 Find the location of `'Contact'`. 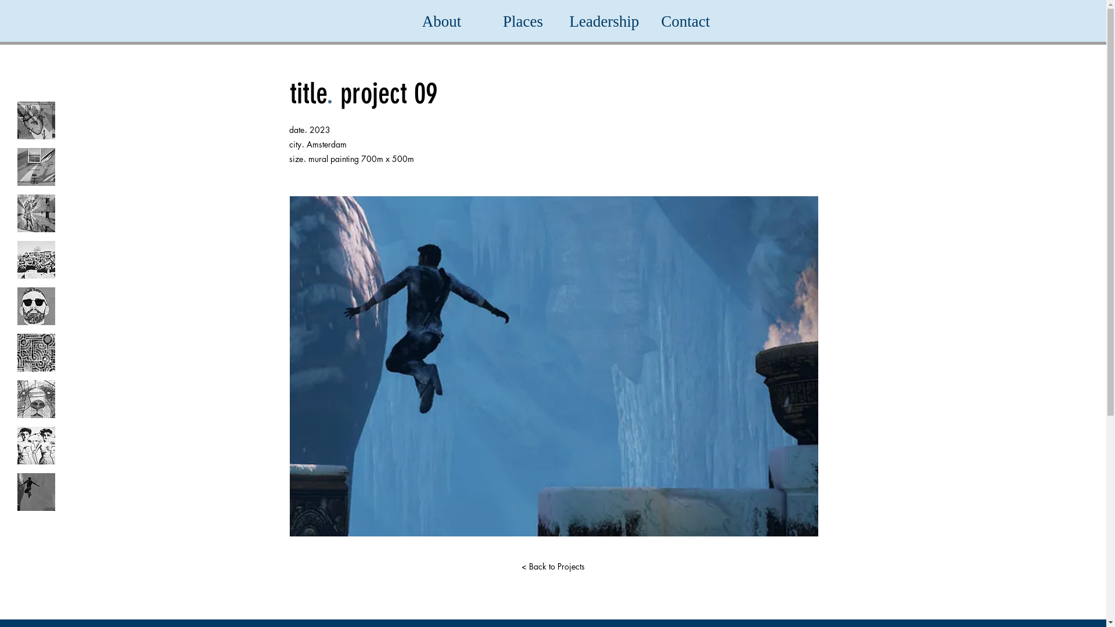

'Contact' is located at coordinates (685, 21).